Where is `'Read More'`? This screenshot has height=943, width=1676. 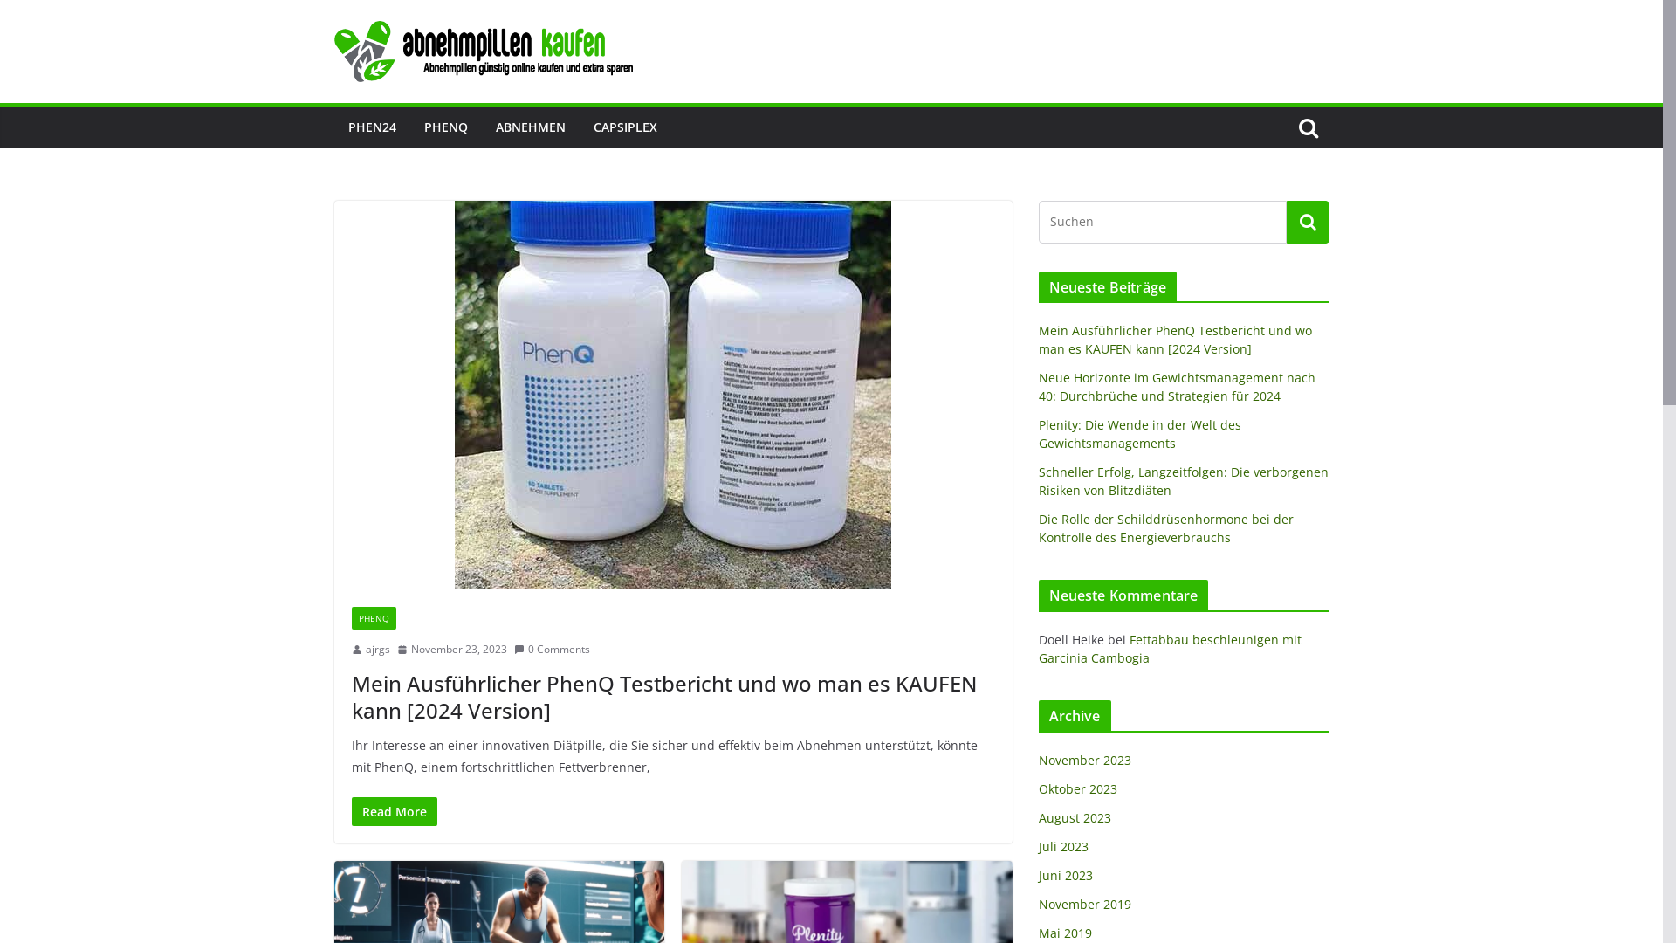
'Read More' is located at coordinates (393, 811).